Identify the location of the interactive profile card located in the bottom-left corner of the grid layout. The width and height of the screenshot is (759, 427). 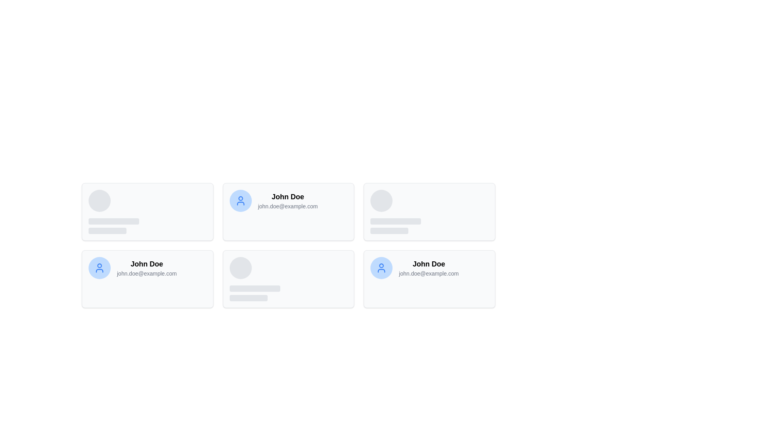
(147, 278).